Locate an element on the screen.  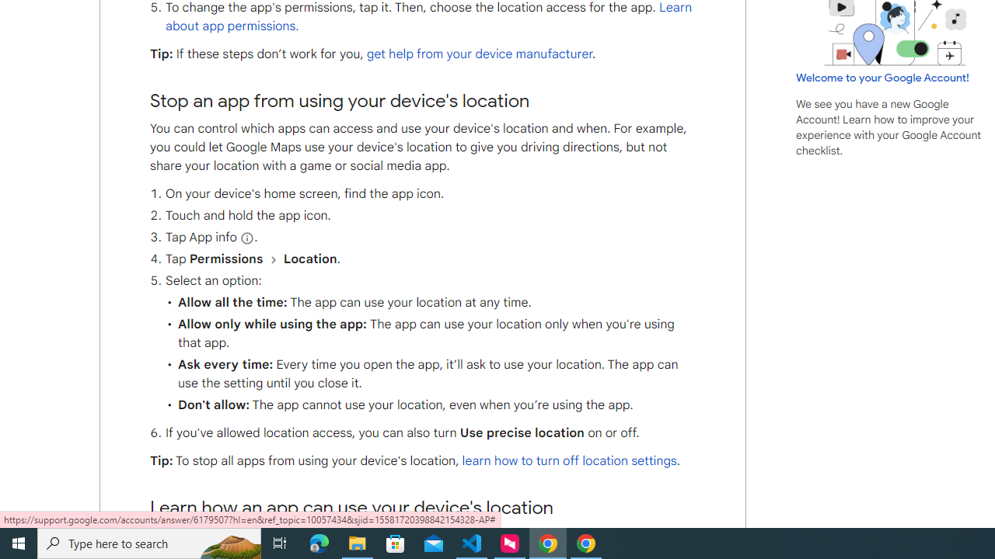
'get help from your device manufacturer' is located at coordinates (478, 53).